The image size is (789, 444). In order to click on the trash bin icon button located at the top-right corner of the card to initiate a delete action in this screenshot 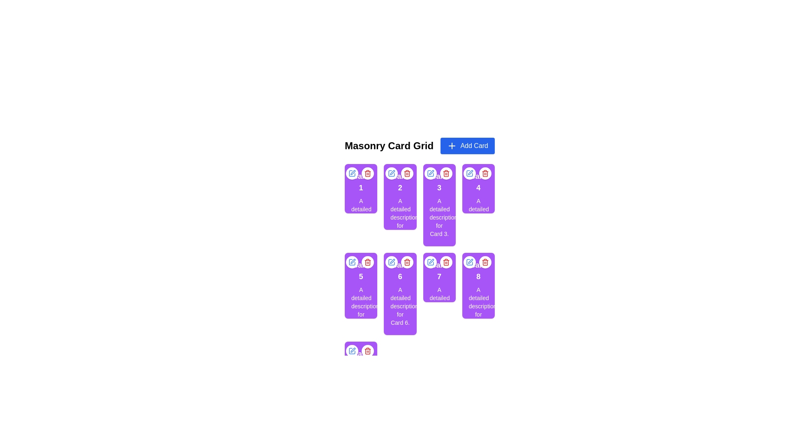, I will do `click(407, 262)`.